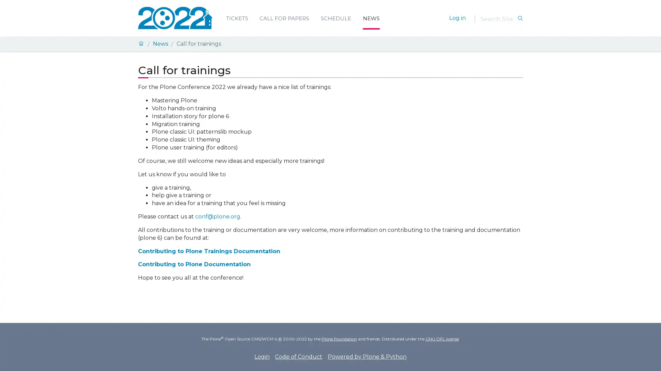 The width and height of the screenshot is (661, 371). What do you see at coordinates (520, 18) in the screenshot?
I see `Search` at bounding box center [520, 18].